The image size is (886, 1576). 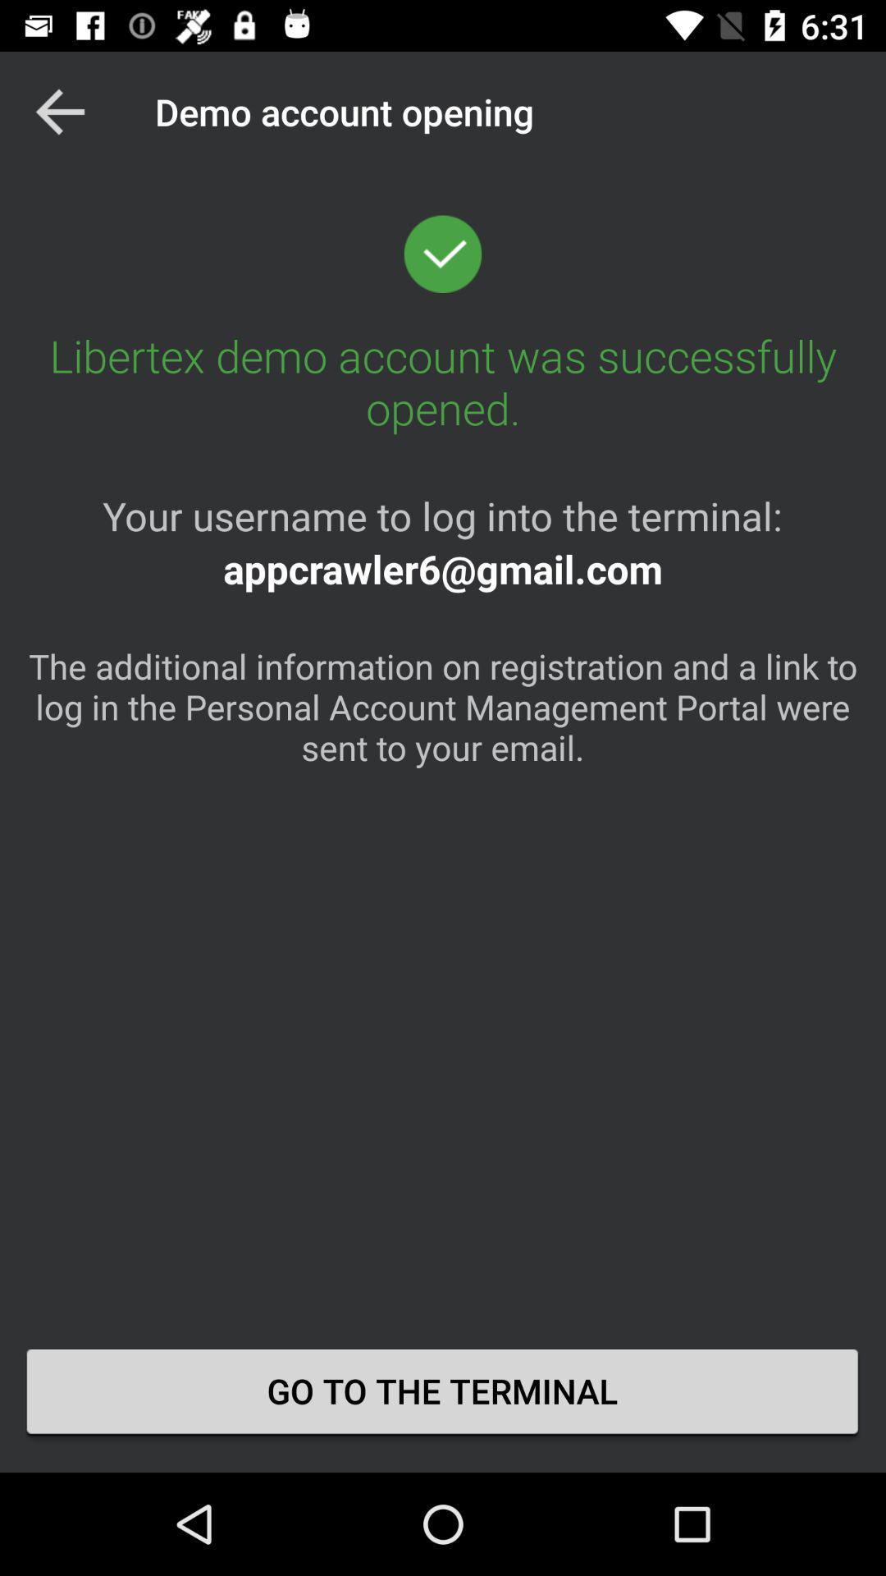 What do you see at coordinates (59, 111) in the screenshot?
I see `icon above the libertex demo account` at bounding box center [59, 111].